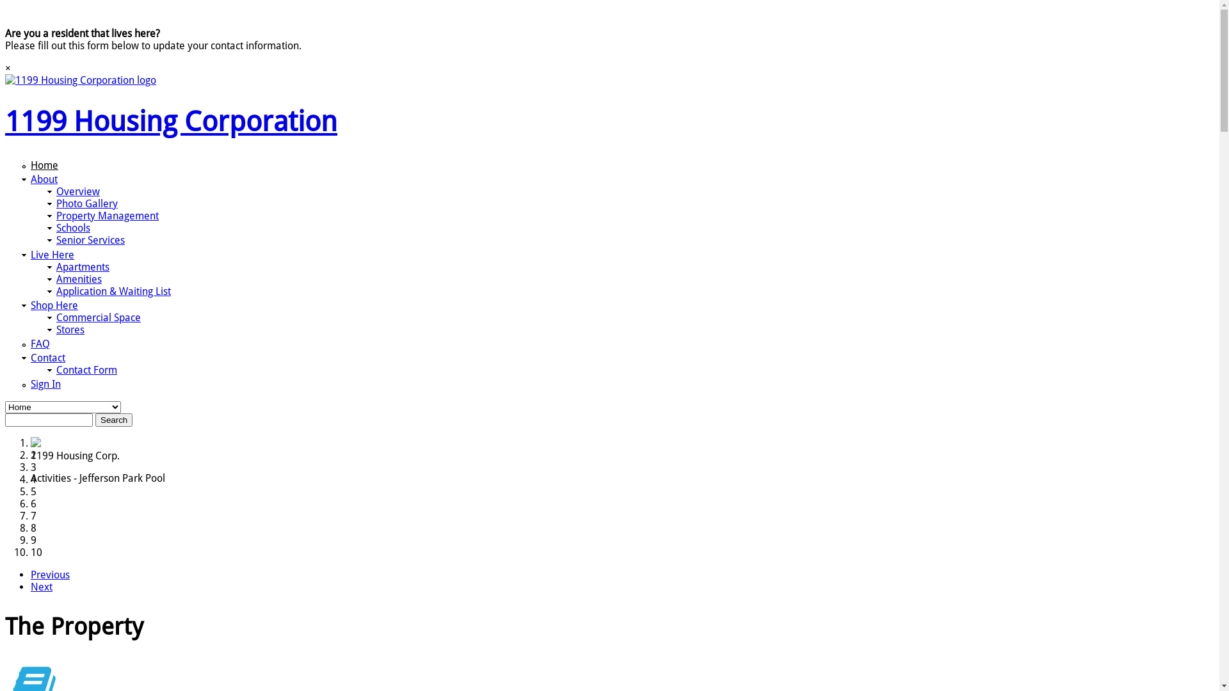 The width and height of the screenshot is (1229, 691). I want to click on 'Photo Gallery', so click(86, 203).